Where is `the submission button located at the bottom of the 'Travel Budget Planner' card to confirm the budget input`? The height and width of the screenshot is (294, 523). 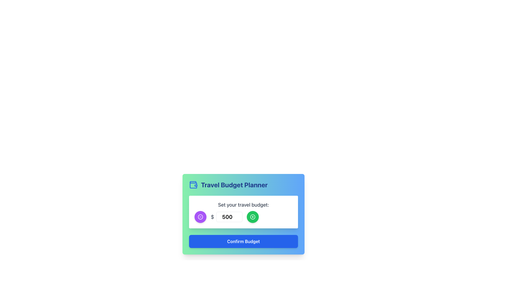 the submission button located at the bottom of the 'Travel Budget Planner' card to confirm the budget input is located at coordinates (243, 241).